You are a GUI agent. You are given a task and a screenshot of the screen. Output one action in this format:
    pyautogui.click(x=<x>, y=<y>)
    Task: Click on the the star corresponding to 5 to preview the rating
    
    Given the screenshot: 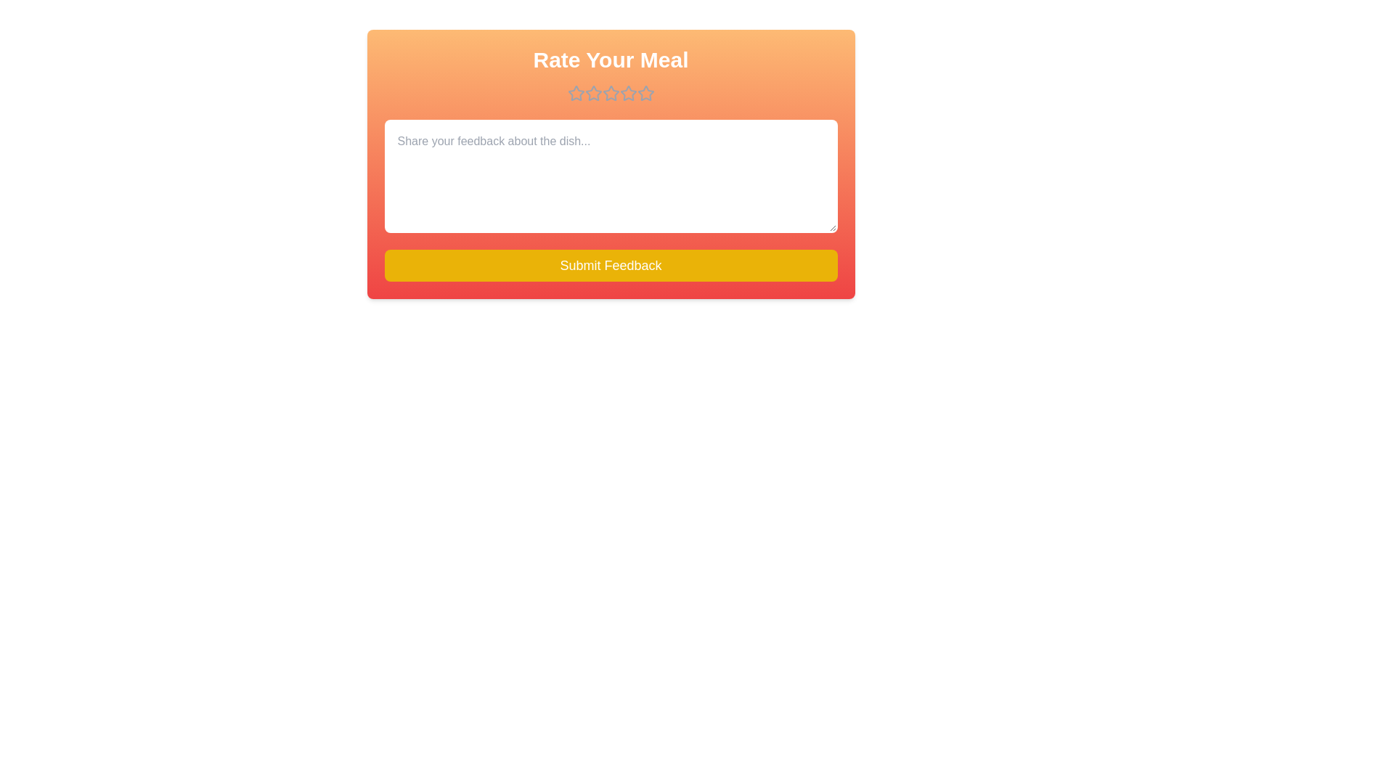 What is the action you would take?
    pyautogui.click(x=645, y=93)
    